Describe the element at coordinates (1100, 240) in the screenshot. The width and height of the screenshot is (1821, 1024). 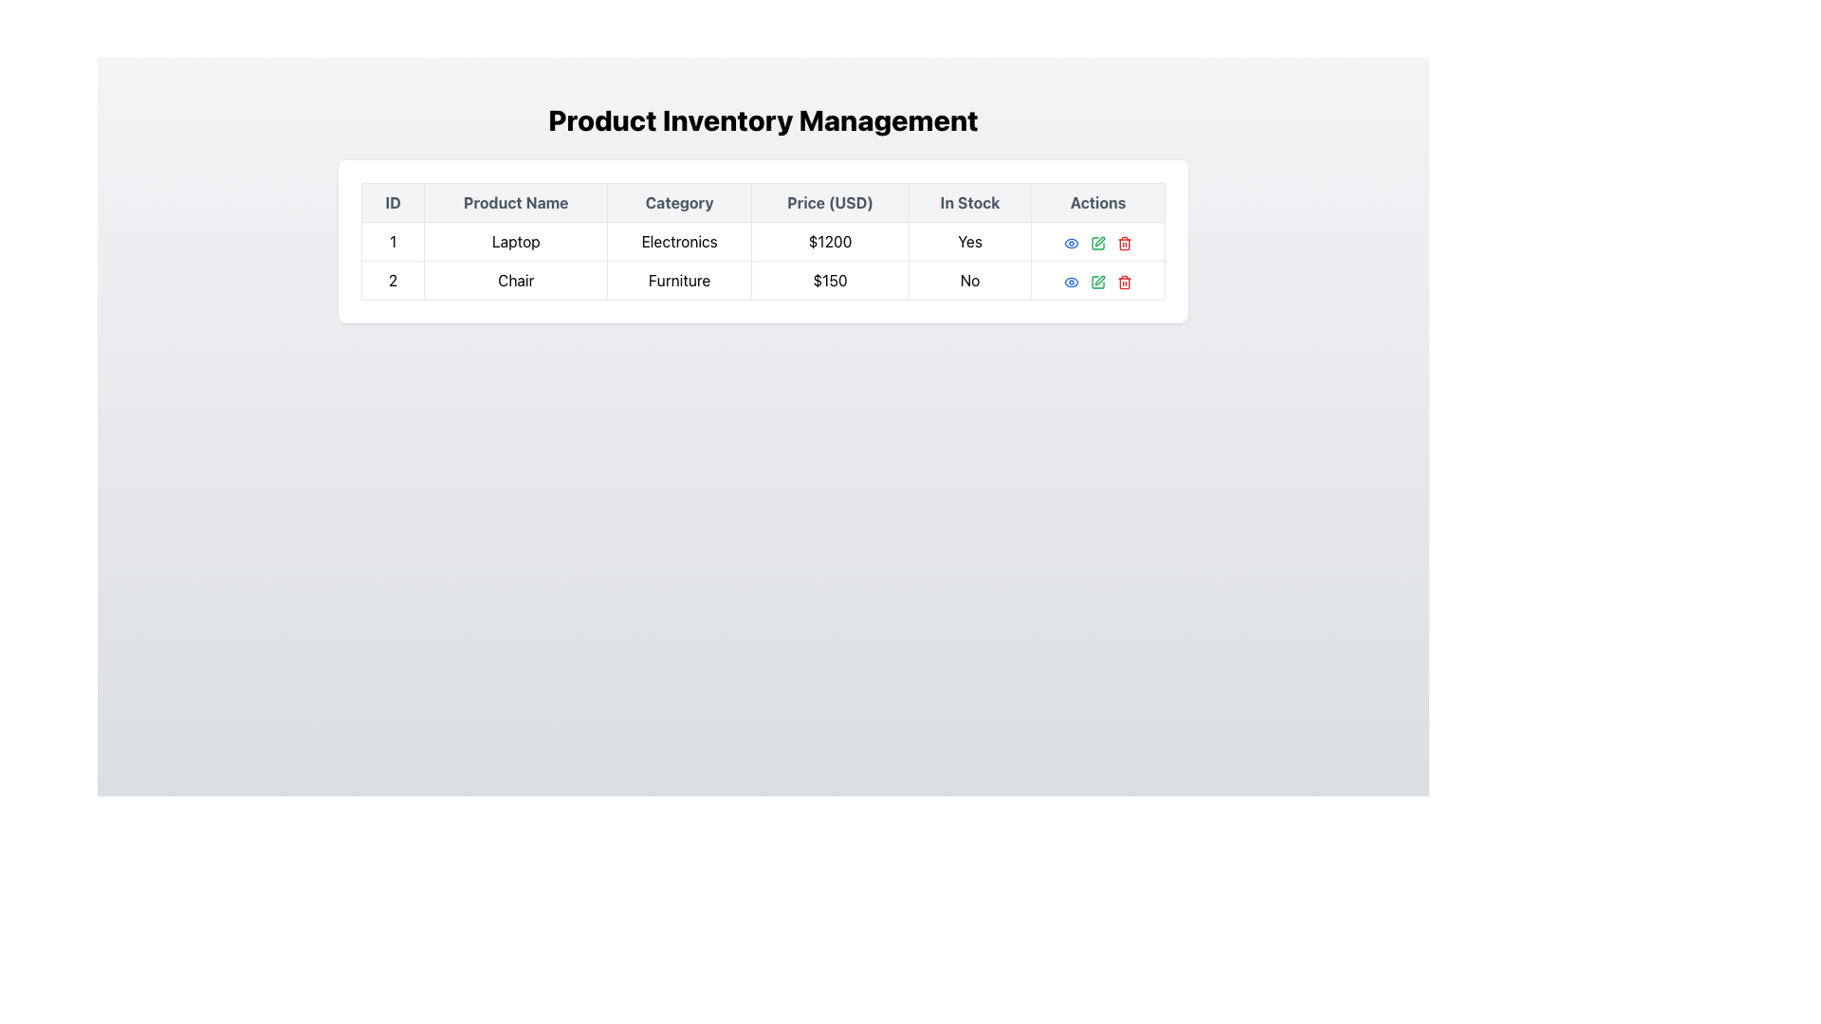
I see `the pen-like edit icon located in the 'Actions' column of the table in the second row corresponding to the product 'Chair'` at that location.